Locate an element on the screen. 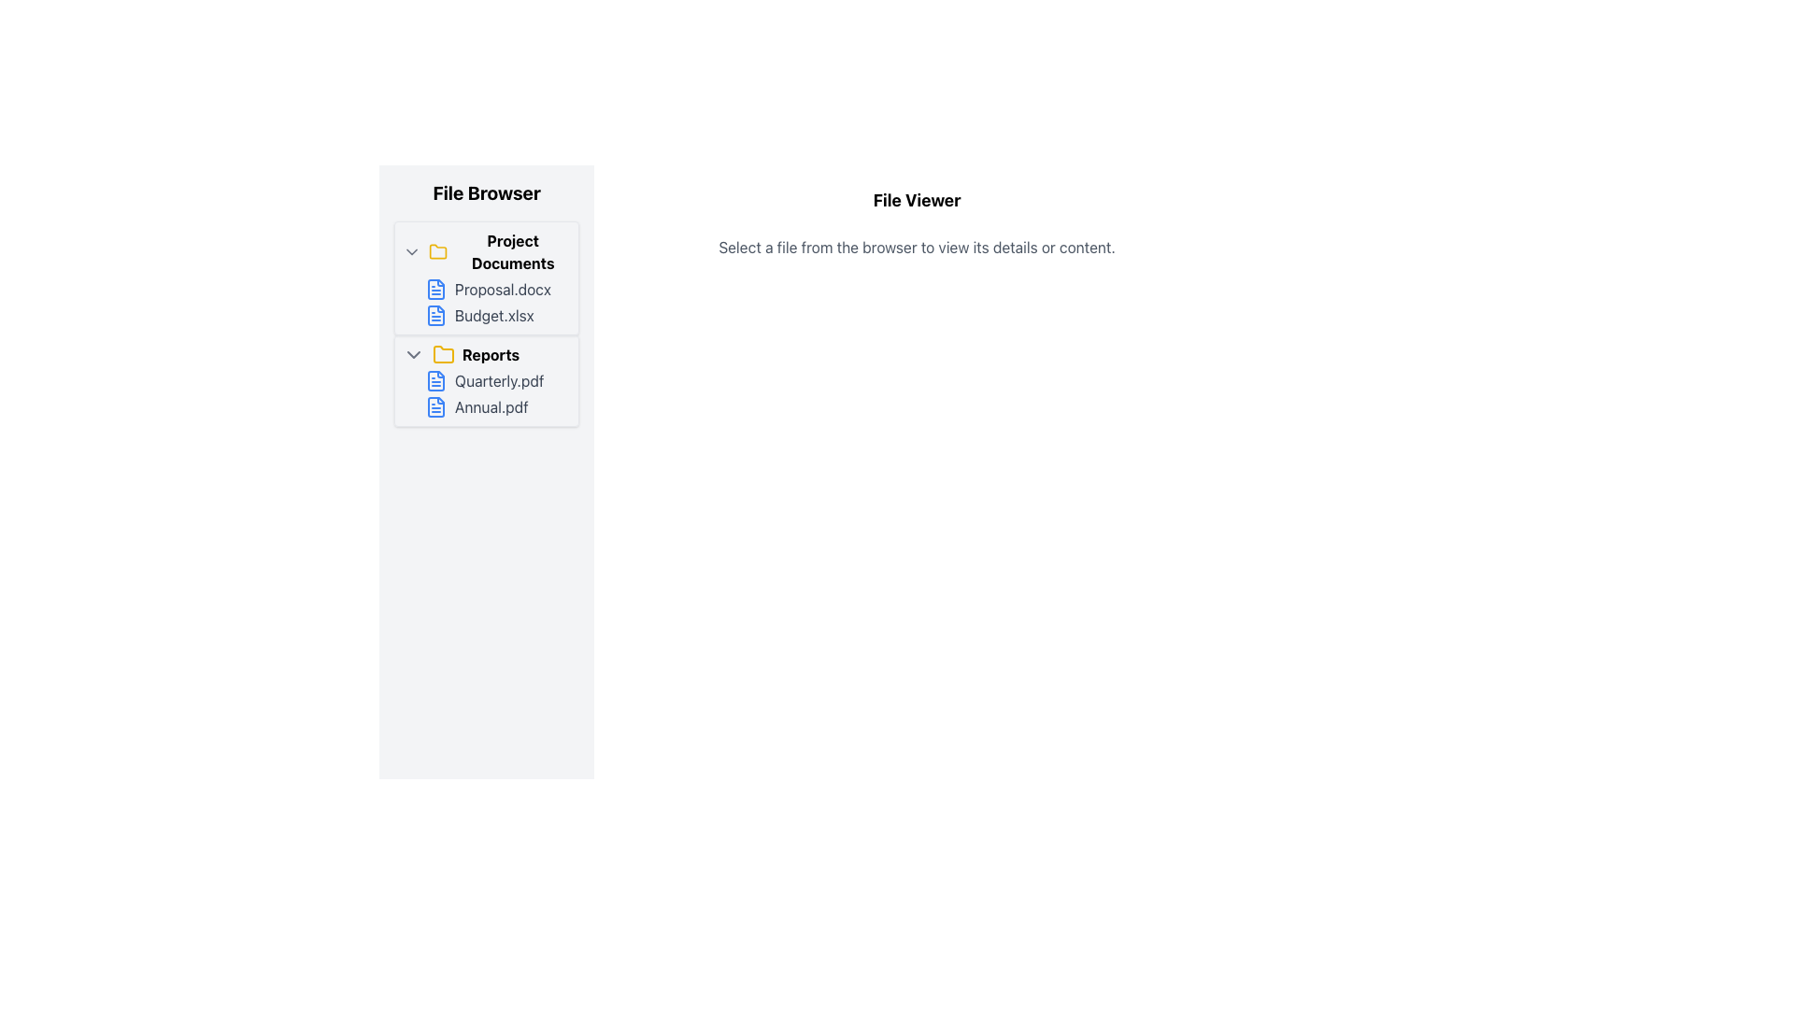  the 'Annual.pdf' file entry is located at coordinates (498, 405).